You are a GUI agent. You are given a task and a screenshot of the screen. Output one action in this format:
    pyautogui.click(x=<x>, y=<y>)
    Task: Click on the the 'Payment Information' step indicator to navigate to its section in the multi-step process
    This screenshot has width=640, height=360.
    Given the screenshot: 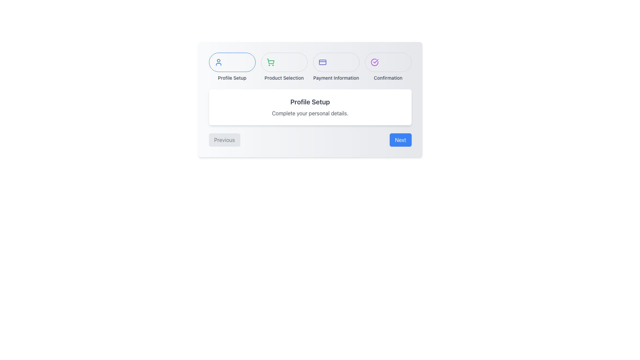 What is the action you would take?
    pyautogui.click(x=336, y=67)
    